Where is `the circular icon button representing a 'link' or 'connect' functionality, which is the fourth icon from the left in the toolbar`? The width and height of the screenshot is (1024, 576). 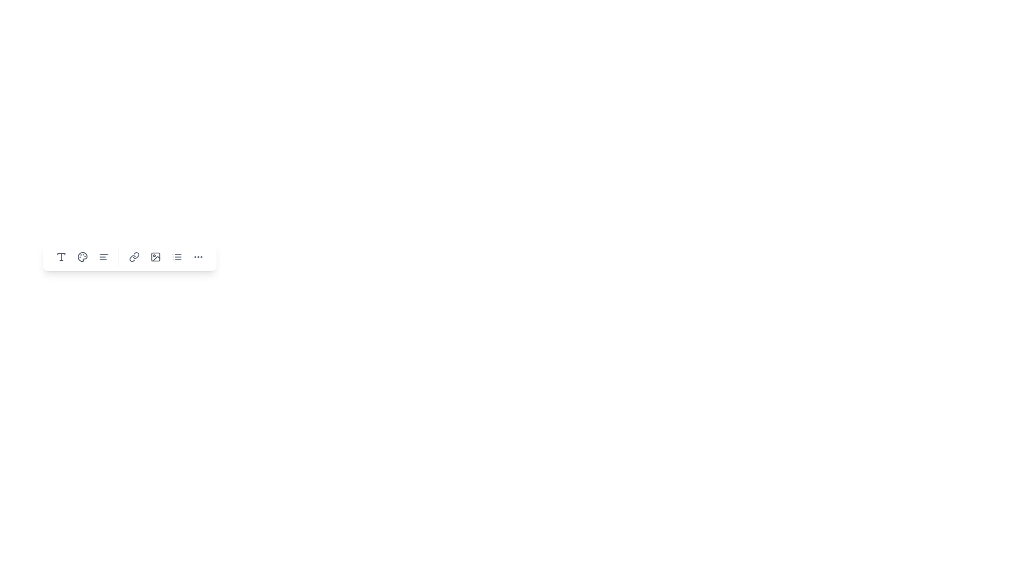
the circular icon button representing a 'link' or 'connect' functionality, which is the fourth icon from the left in the toolbar is located at coordinates (129, 257).